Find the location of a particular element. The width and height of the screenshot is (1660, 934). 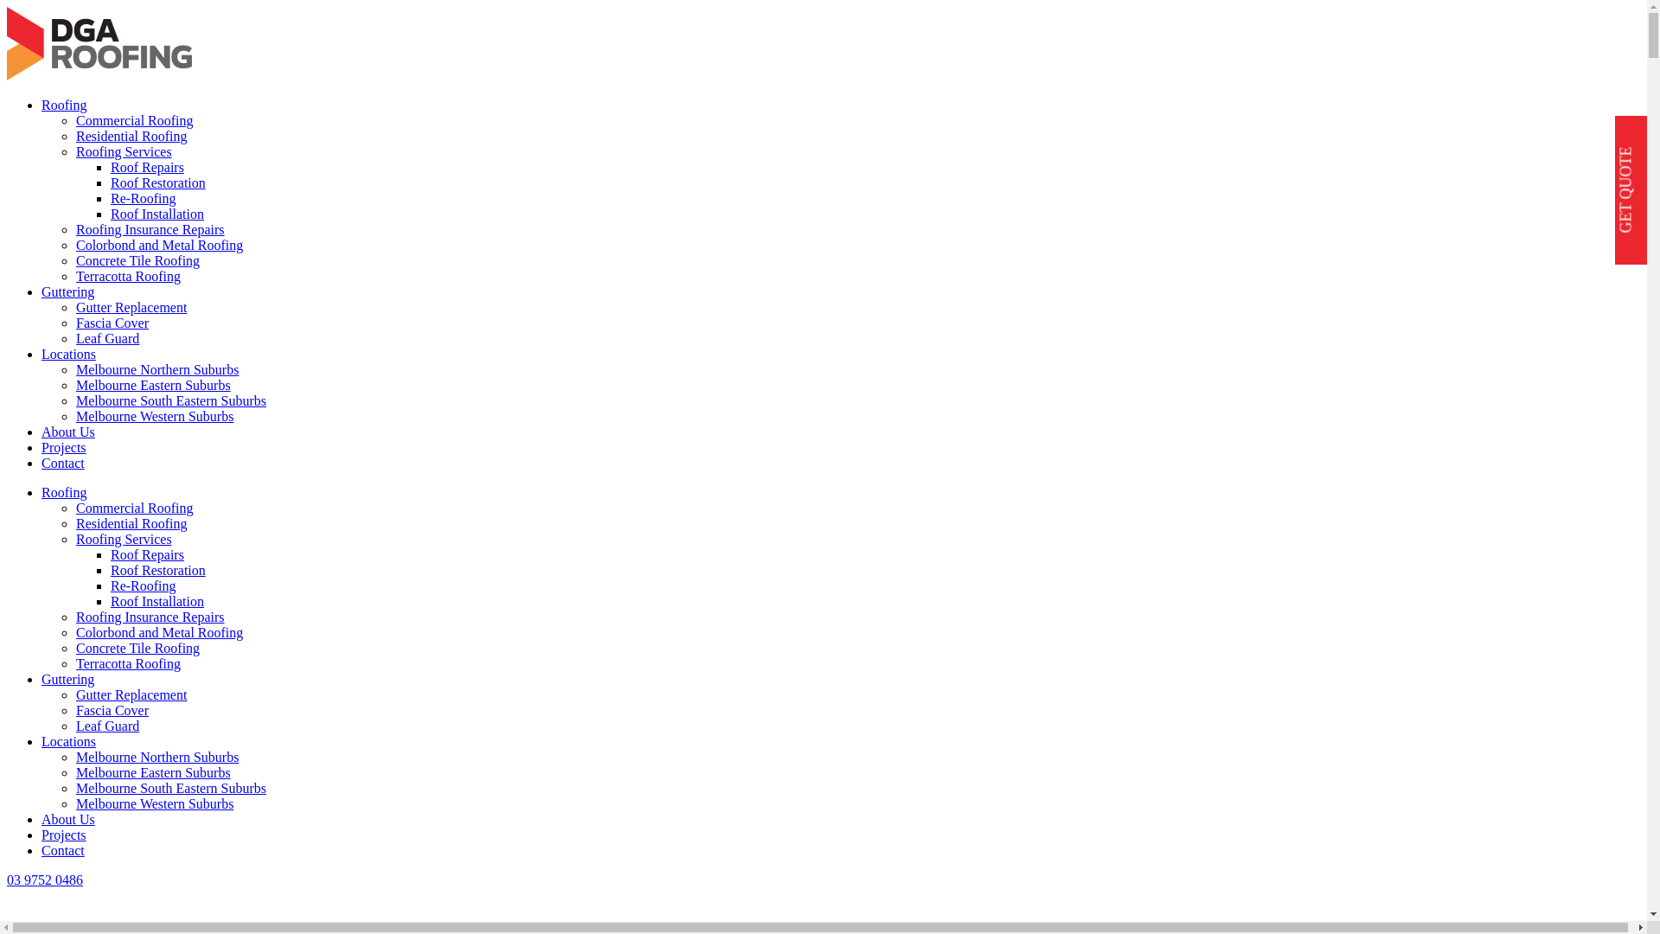

'Melbourne Eastern Suburbs' is located at coordinates (153, 771).